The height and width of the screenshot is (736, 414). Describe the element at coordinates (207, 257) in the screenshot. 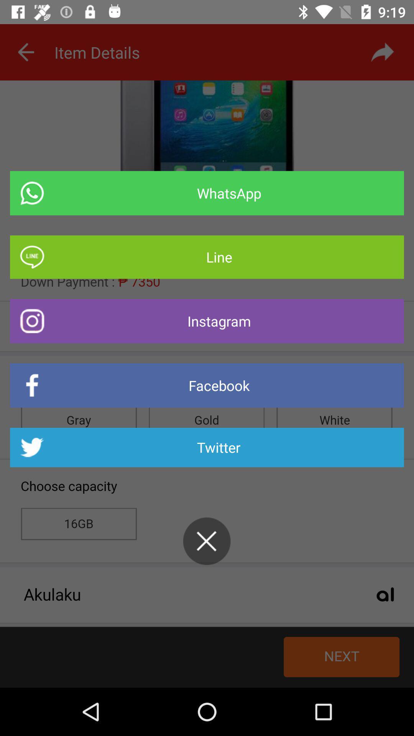

I see `the item below whatsapp item` at that location.